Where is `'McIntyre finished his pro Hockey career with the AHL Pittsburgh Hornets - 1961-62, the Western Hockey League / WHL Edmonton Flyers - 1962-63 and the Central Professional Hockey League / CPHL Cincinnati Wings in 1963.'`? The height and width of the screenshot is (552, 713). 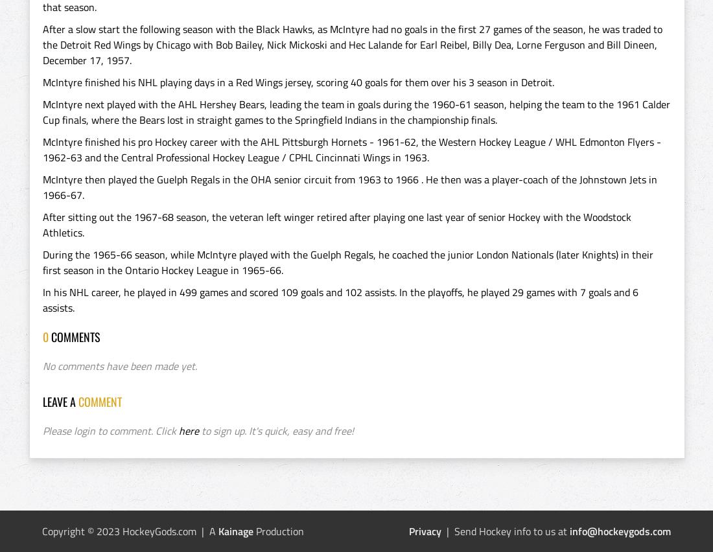 'McIntyre finished his pro Hockey career with the AHL Pittsburgh Hornets - 1961-62, the Western Hockey League / WHL Edmonton Flyers - 1962-63 and the Central Professional Hockey League / CPHL Cincinnati Wings in 1963.' is located at coordinates (42, 148).